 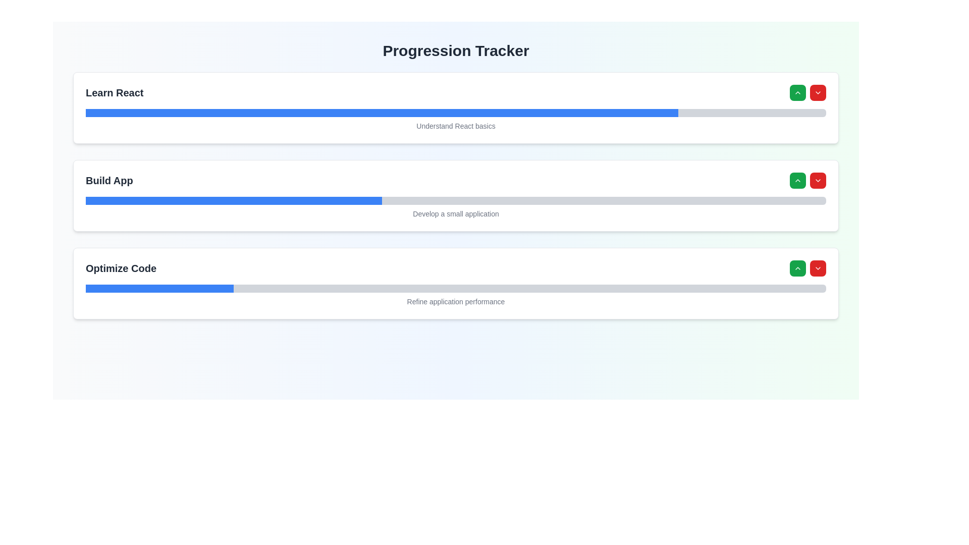 What do you see at coordinates (808, 180) in the screenshot?
I see `the red button on the control panel located at the far right end of the 'Build App' section header to decrease the value or setting` at bounding box center [808, 180].